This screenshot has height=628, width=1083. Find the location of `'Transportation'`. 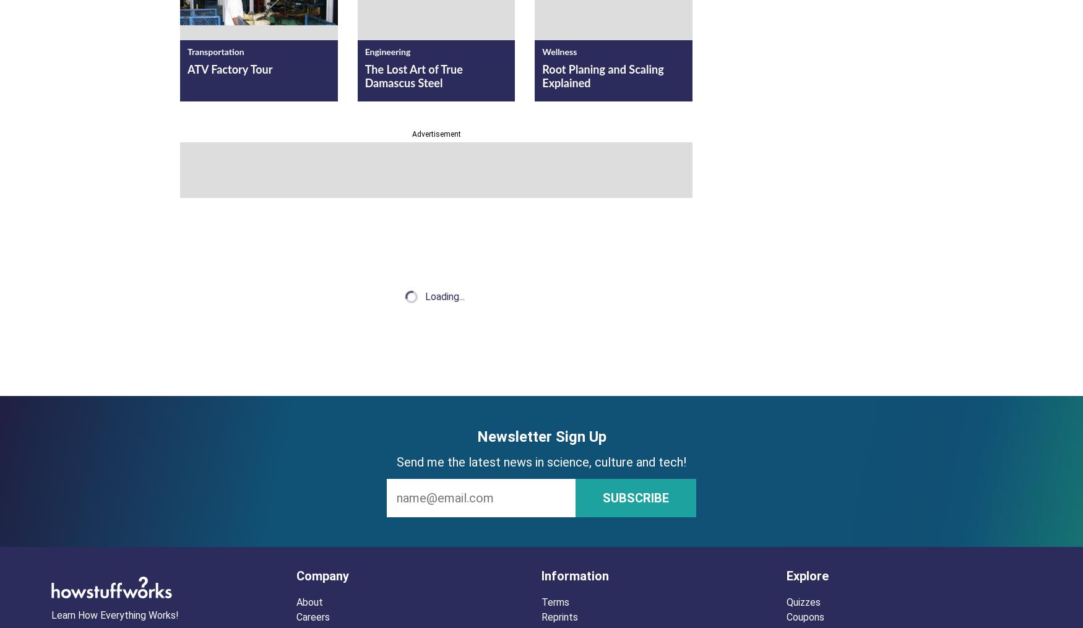

'Transportation' is located at coordinates (215, 52).